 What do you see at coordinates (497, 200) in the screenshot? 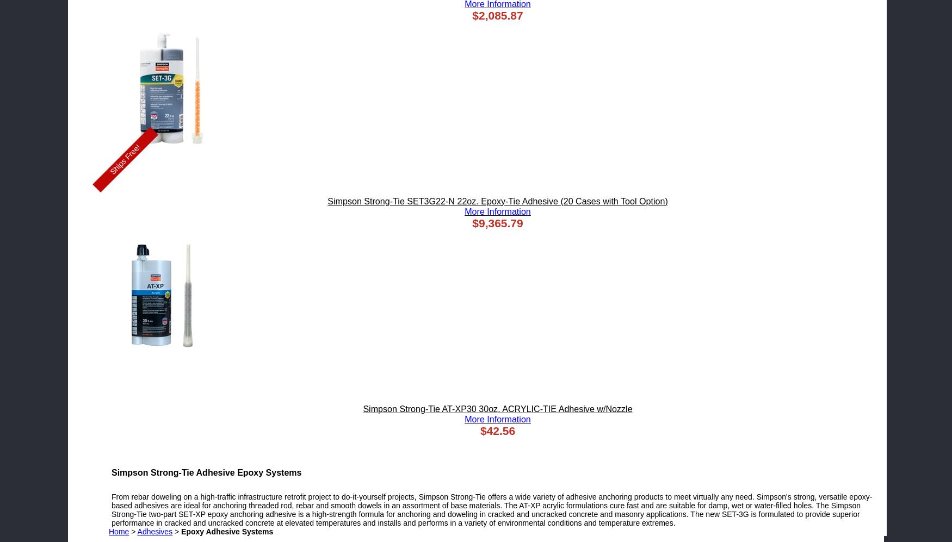
I see `'Simpson Strong-Tie SET3G22-N 22oz. Epoxy-Tie Adhesive (20 Cases with Tool Option)'` at bounding box center [497, 200].